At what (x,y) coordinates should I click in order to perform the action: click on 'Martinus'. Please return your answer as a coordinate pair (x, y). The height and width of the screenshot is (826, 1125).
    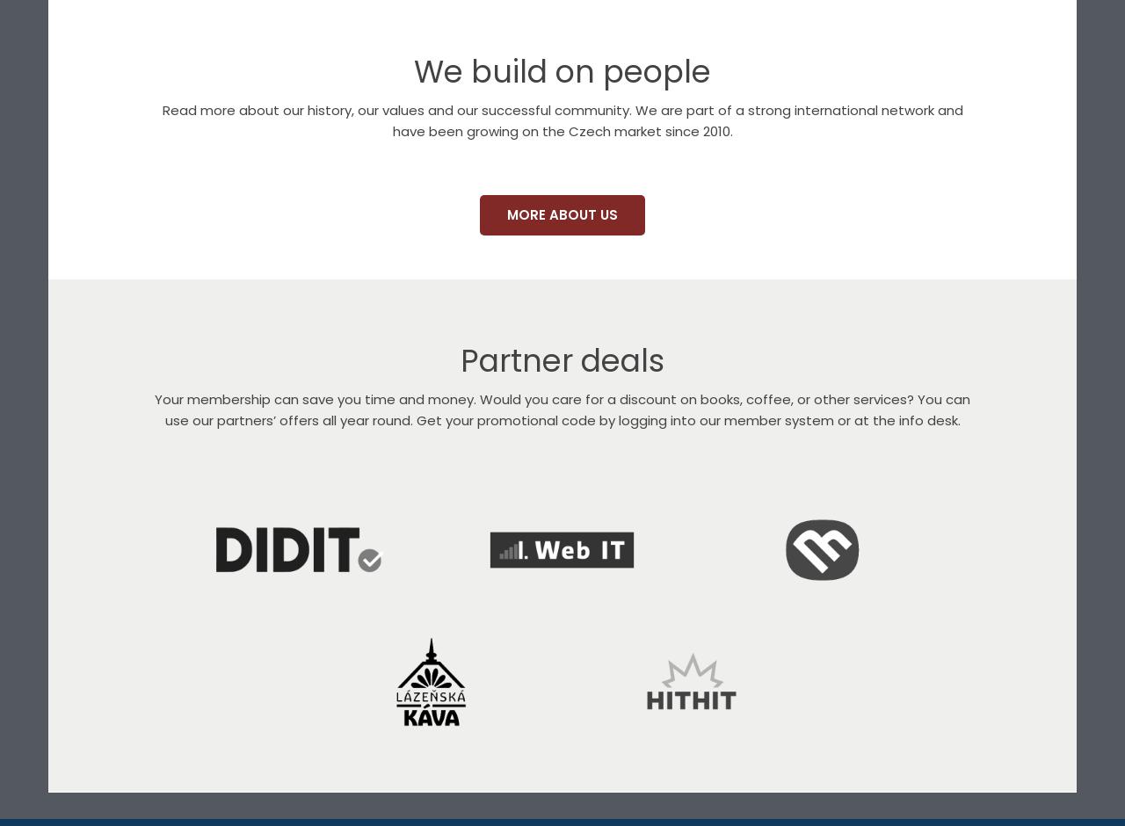
    Looking at the image, I should click on (785, 742).